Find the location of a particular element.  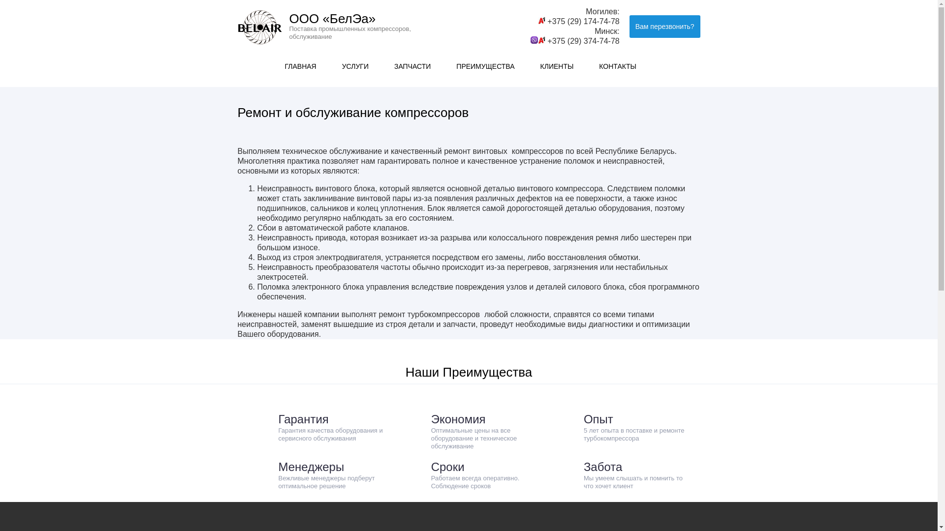

'+375 (29) 374-74-78' is located at coordinates (583, 40).